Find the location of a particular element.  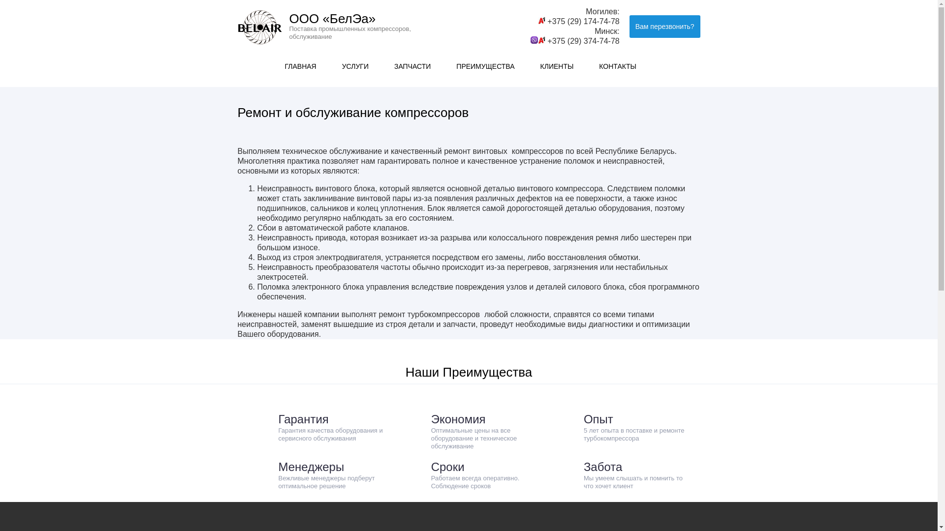

'+375 (29) 374-74-78' is located at coordinates (583, 40).